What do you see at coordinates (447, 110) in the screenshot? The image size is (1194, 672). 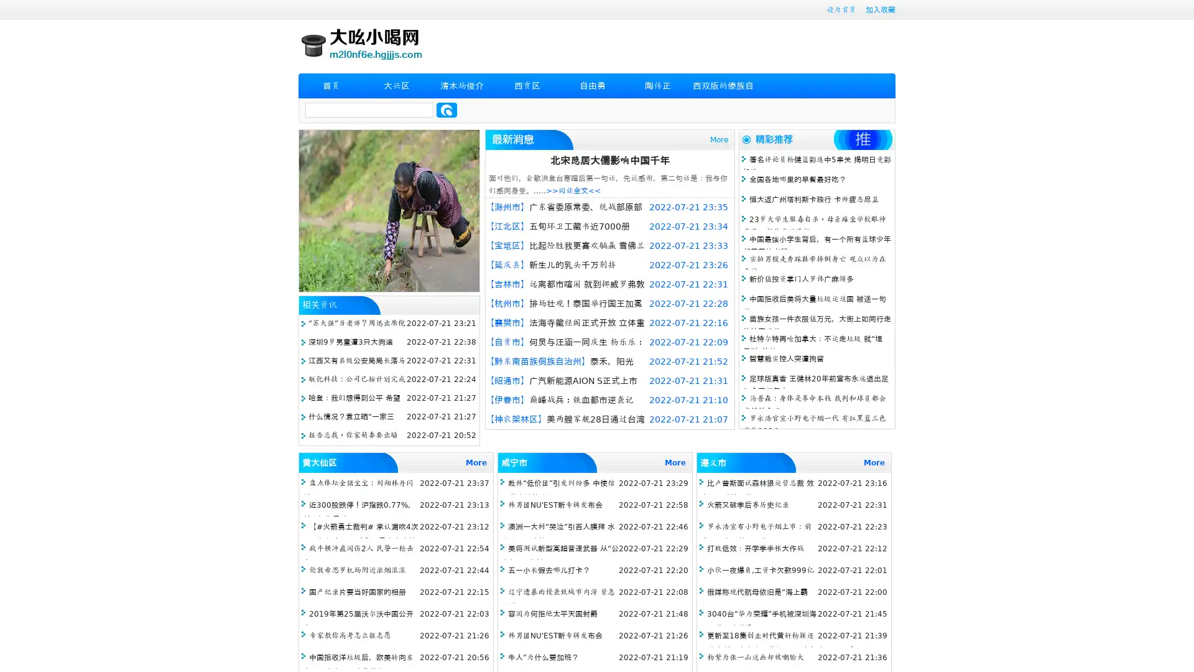 I see `Search` at bounding box center [447, 110].